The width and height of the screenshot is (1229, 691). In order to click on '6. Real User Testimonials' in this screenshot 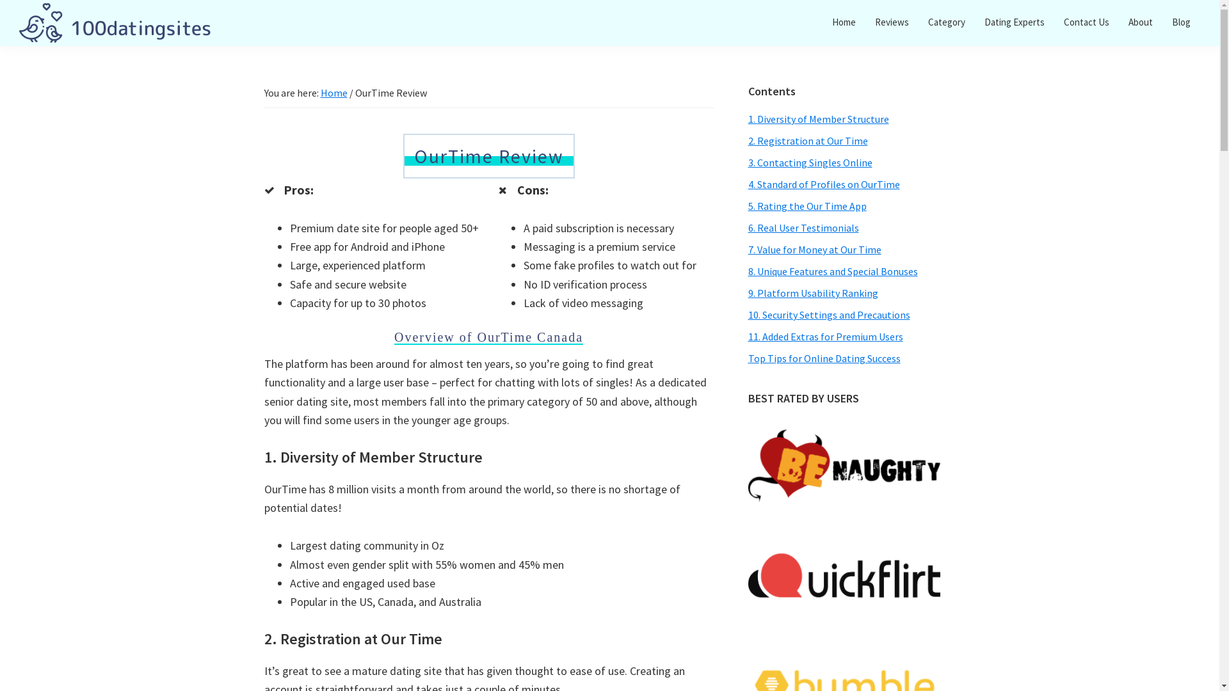, I will do `click(802, 226)`.